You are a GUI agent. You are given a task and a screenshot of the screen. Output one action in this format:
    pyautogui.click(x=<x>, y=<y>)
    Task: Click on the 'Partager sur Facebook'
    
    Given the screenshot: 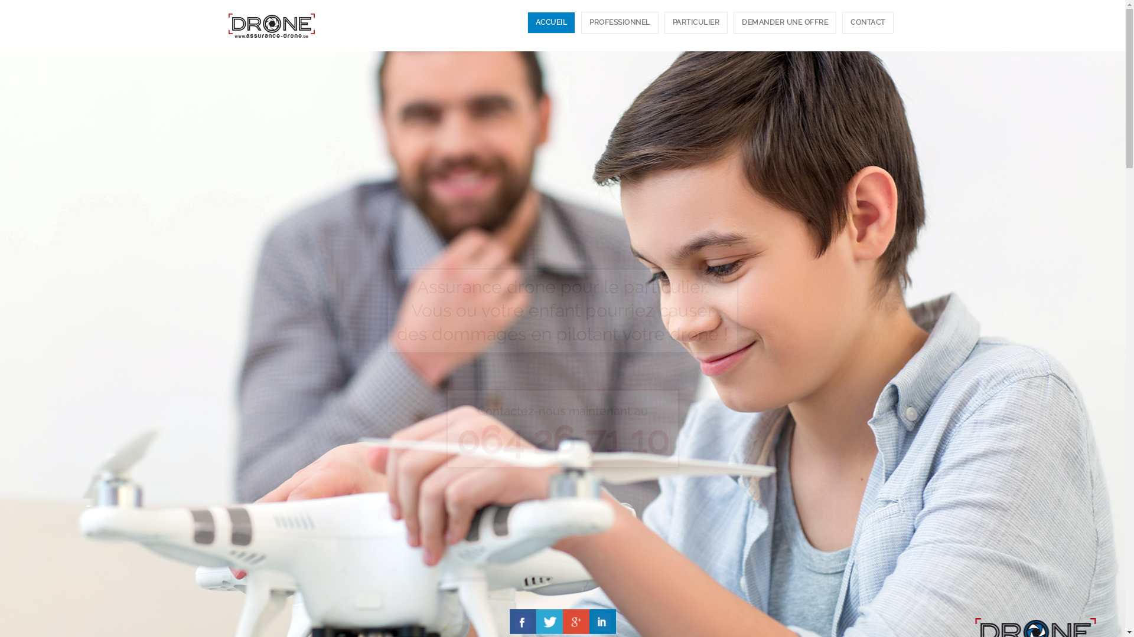 What is the action you would take?
    pyautogui.click(x=522, y=620)
    